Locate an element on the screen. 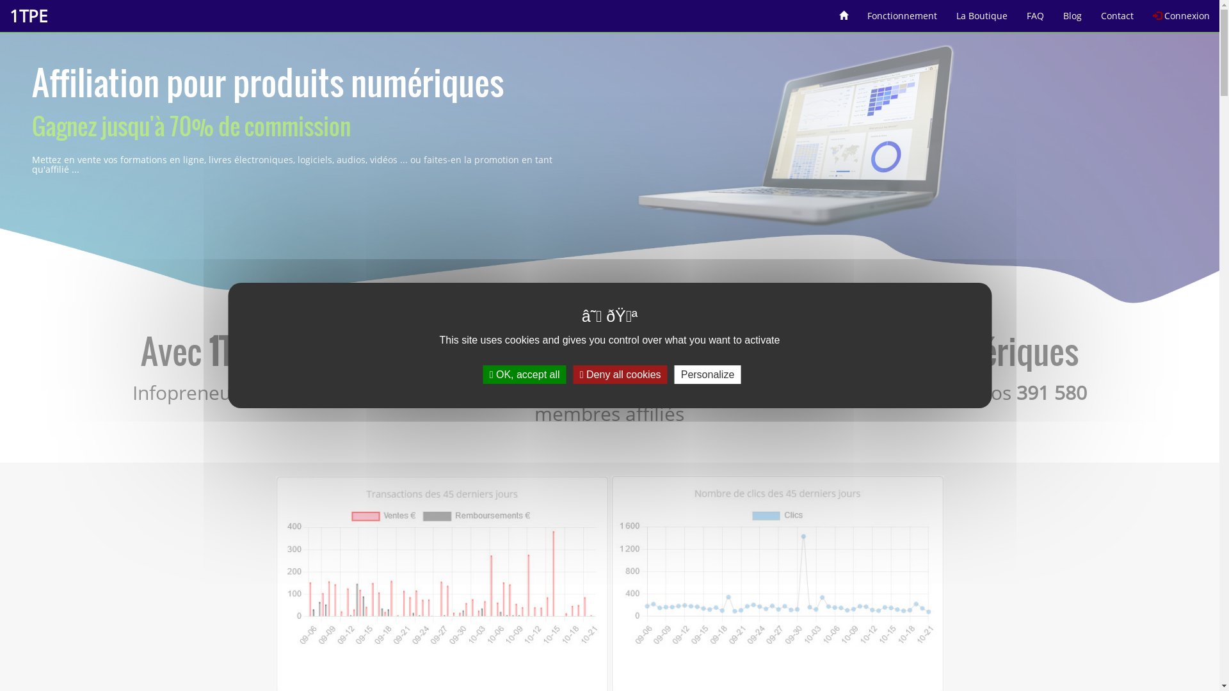 The height and width of the screenshot is (691, 1229). 'Fonctionnement' is located at coordinates (901, 11).